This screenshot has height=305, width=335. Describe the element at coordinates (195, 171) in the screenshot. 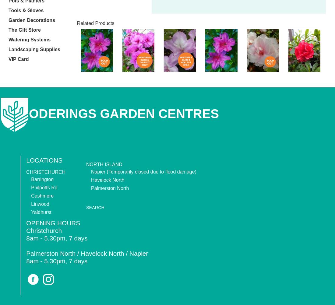

I see `')'` at that location.